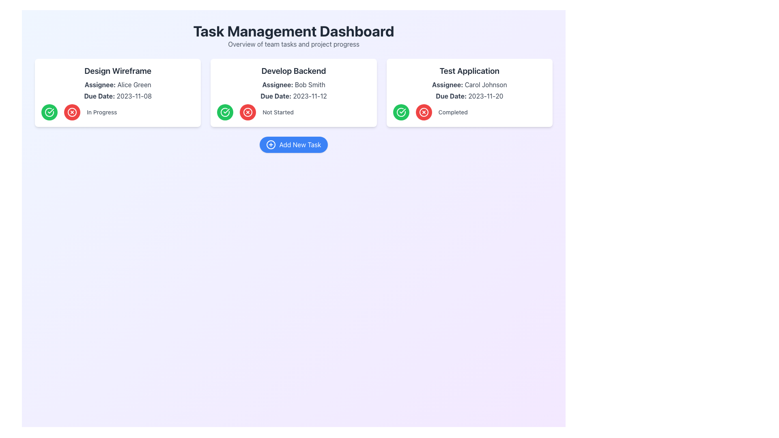 This screenshot has height=438, width=779. What do you see at coordinates (117, 95) in the screenshot?
I see `text label displaying the due date 'Due Date: 2023-11-08' which is located within the 'Design Wireframe' card, positioned beneath 'Assignee: Alice Green'` at bounding box center [117, 95].